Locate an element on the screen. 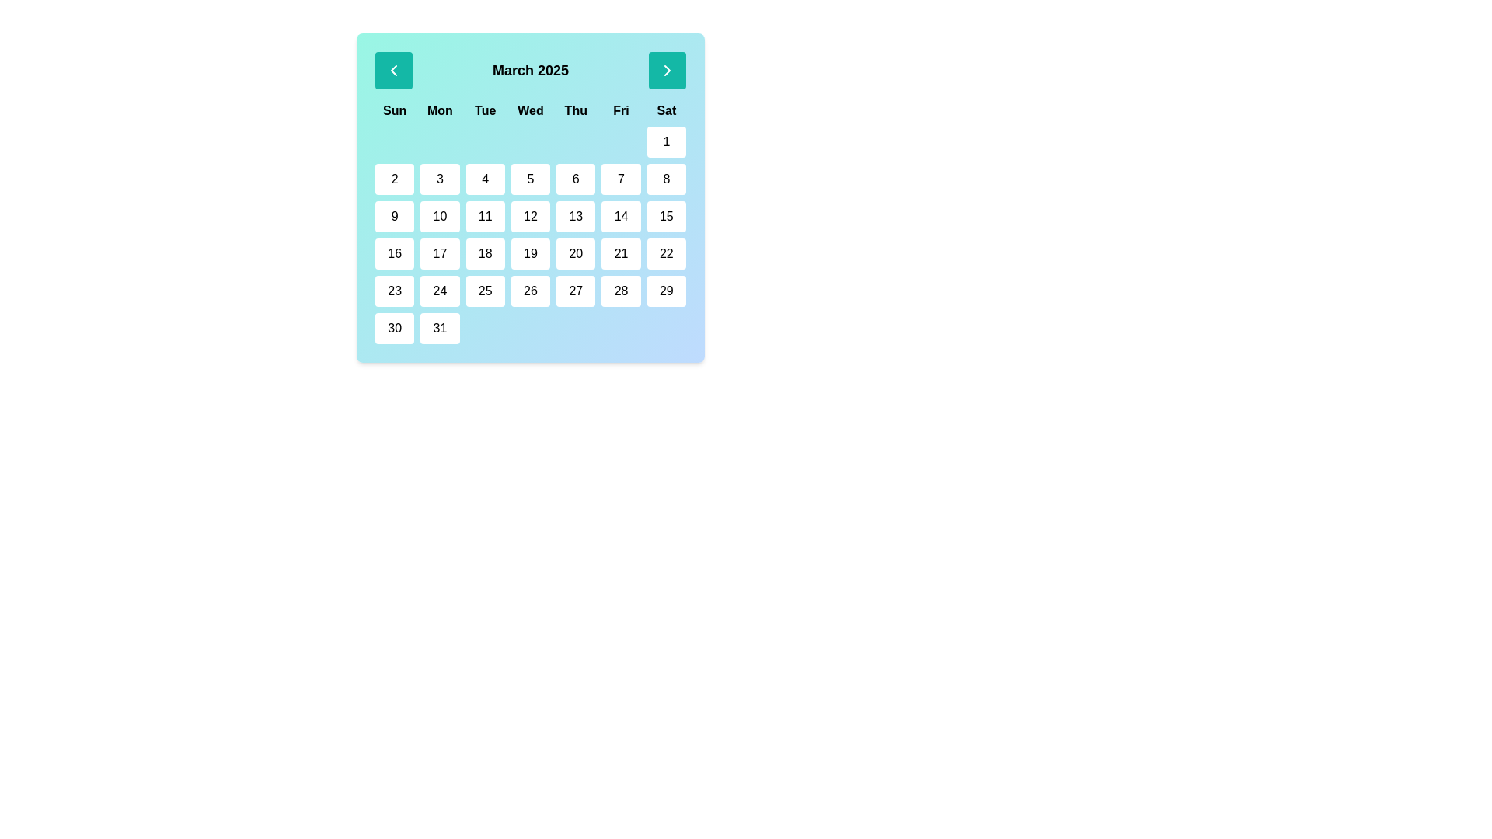  the square white button with rounded corners labeled '31' in the bottom row of the calendar grid is located at coordinates (439, 328).